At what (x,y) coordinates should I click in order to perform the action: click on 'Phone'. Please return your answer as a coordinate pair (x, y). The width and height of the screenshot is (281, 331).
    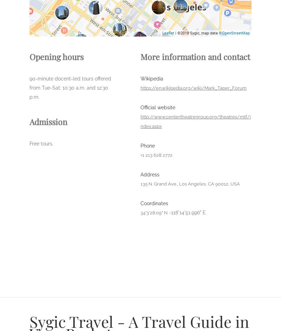
    Looking at the image, I should click on (148, 146).